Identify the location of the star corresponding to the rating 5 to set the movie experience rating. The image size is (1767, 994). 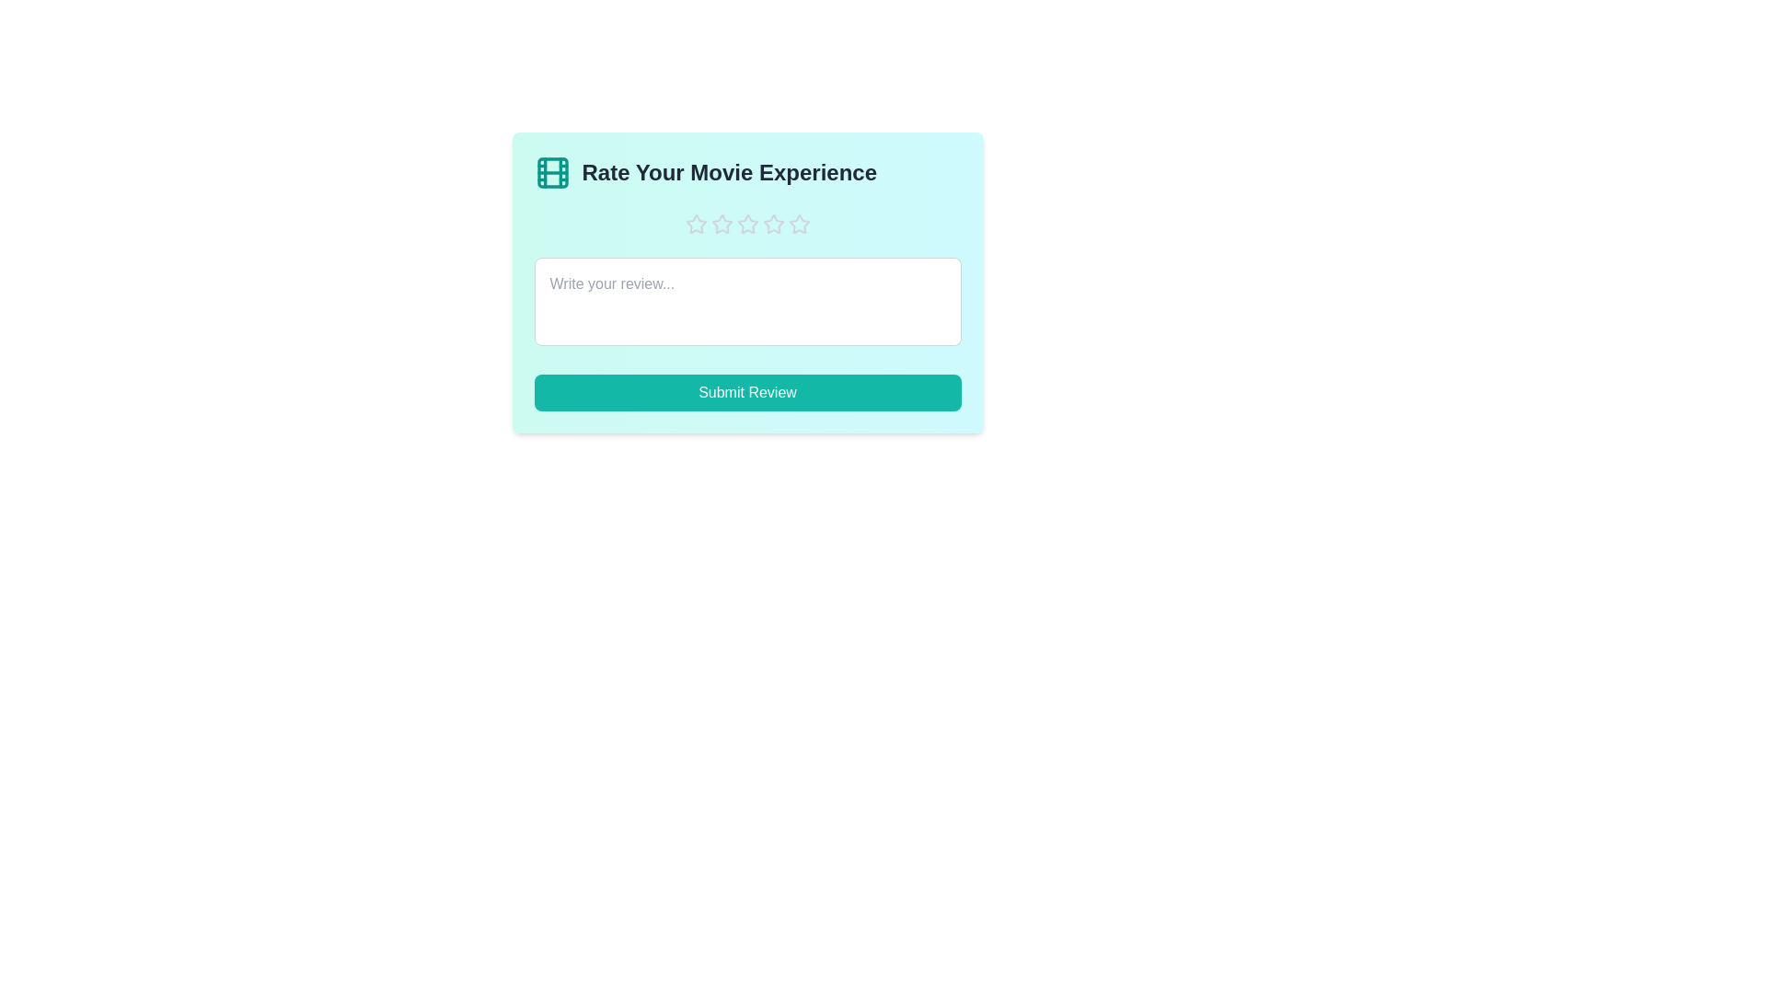
(799, 223).